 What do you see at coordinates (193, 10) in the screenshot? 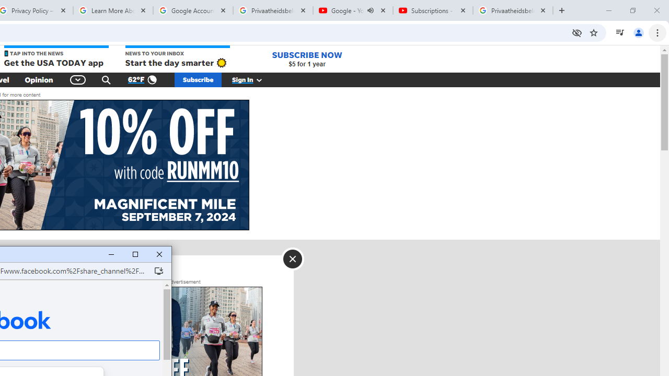
I see `'Google Account'` at bounding box center [193, 10].